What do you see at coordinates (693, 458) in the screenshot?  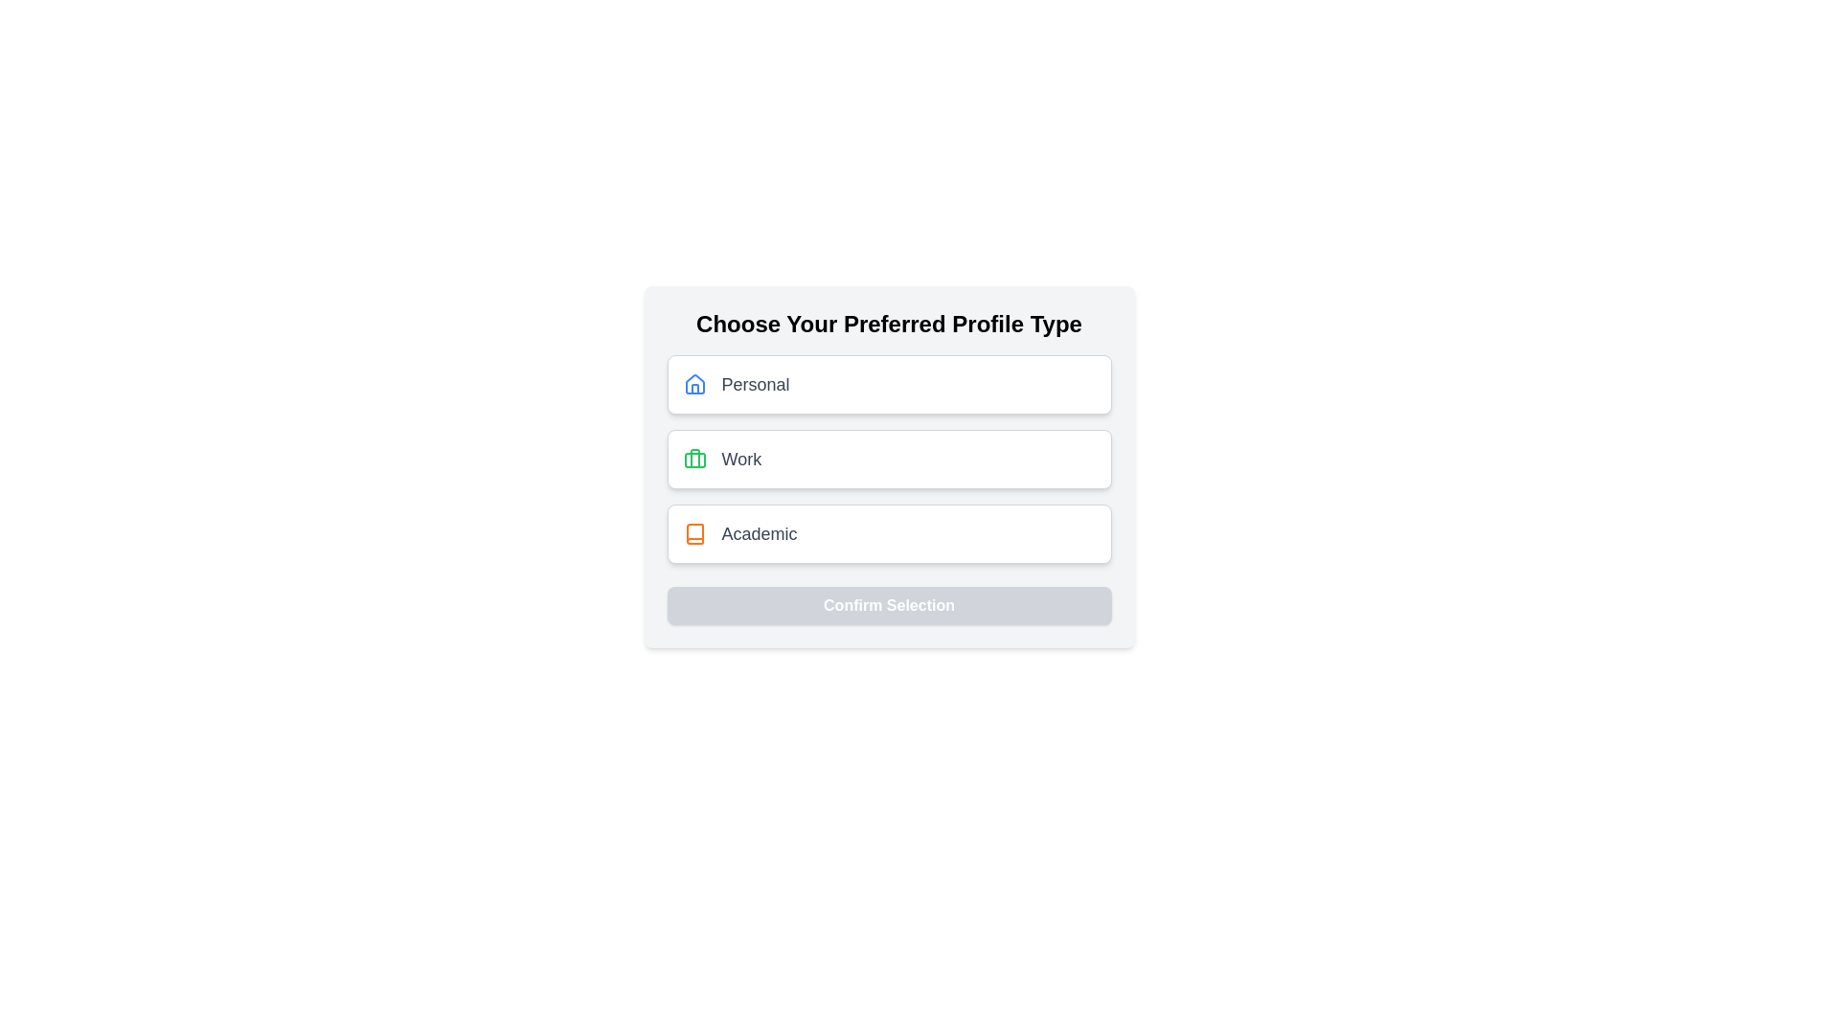 I see `the vertical decorative vector line element within the green briefcase icon labeled 'Work' located at the center of the interface` at bounding box center [693, 458].